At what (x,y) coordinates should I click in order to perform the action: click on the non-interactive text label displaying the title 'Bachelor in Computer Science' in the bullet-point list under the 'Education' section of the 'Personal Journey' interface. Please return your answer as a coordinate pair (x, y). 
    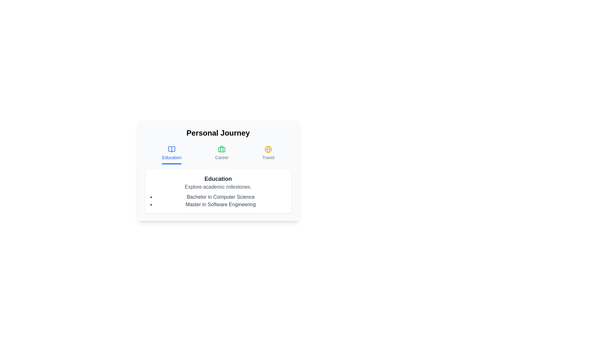
    Looking at the image, I should click on (221, 197).